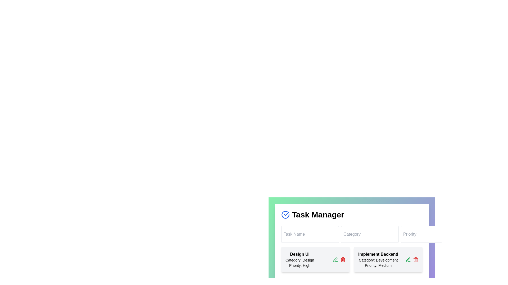 The image size is (508, 285). Describe the element at coordinates (378, 254) in the screenshot. I see `the static text displaying the task name 'Implement Backend', which is located in the Task Manager card, positioned after 'Design UI'` at that location.